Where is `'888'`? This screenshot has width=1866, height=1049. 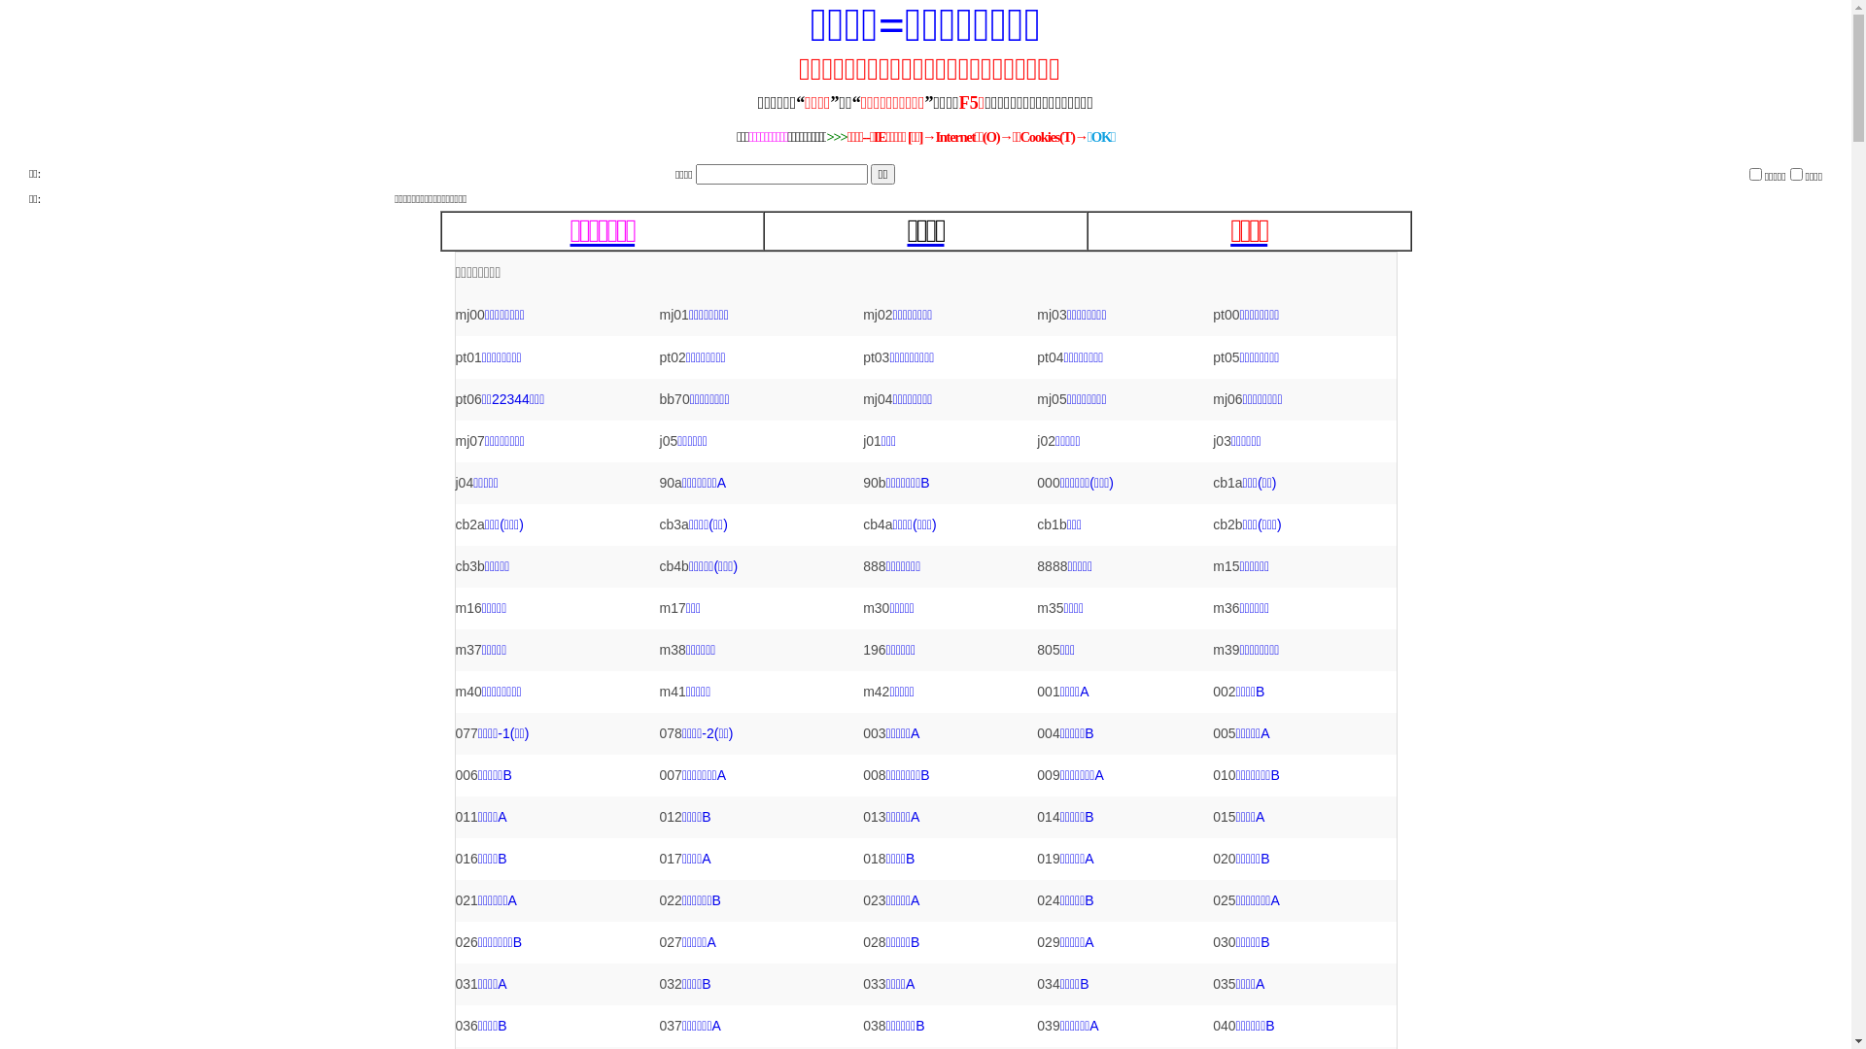 '888' is located at coordinates (873, 565).